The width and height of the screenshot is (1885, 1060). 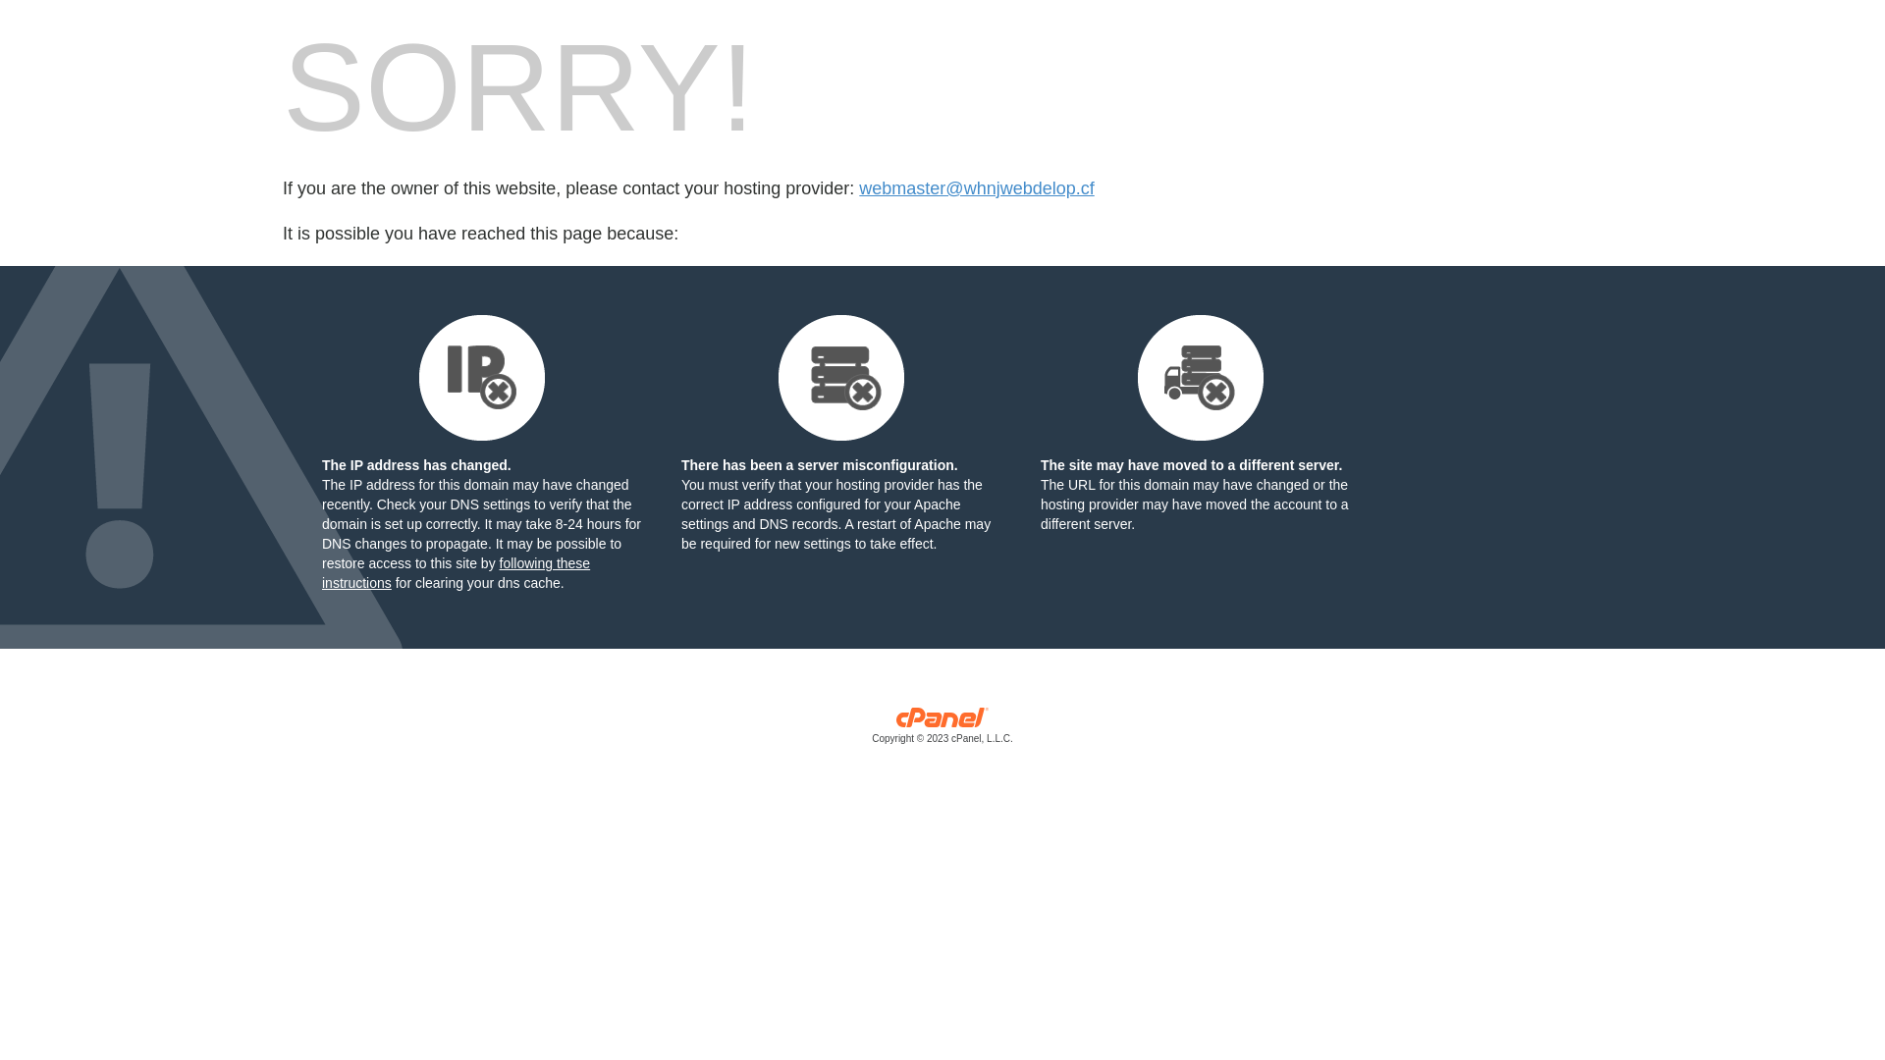 What do you see at coordinates (455, 572) in the screenshot?
I see `'following these instructions'` at bounding box center [455, 572].